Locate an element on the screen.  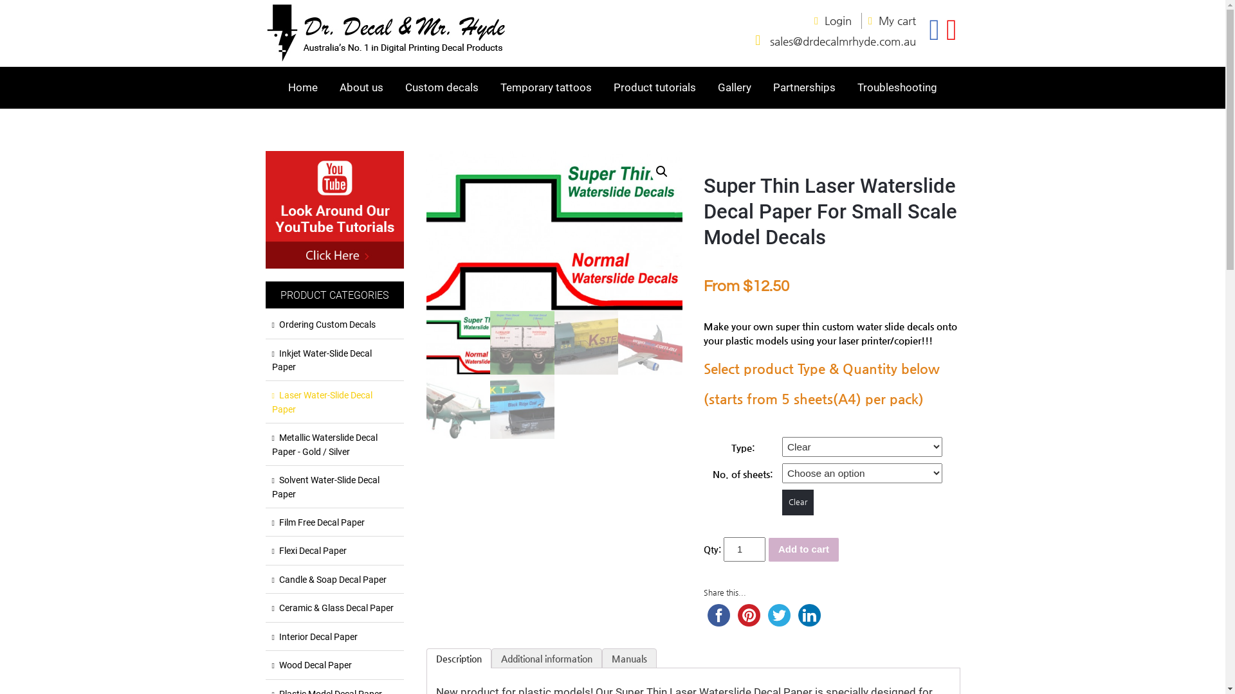
'Interior Decal Paper' is located at coordinates (334, 637).